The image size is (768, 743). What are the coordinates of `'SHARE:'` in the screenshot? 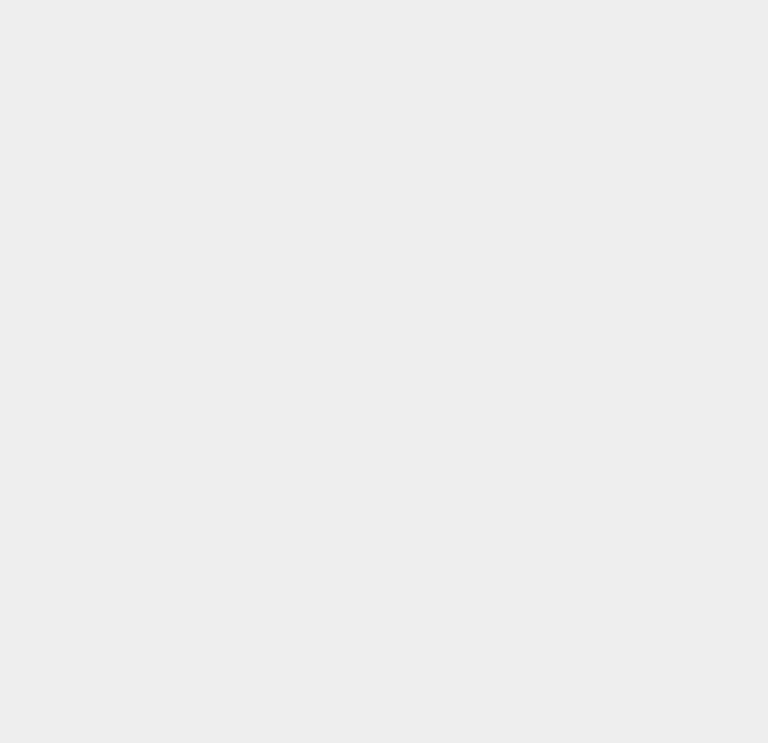 It's located at (29, 420).